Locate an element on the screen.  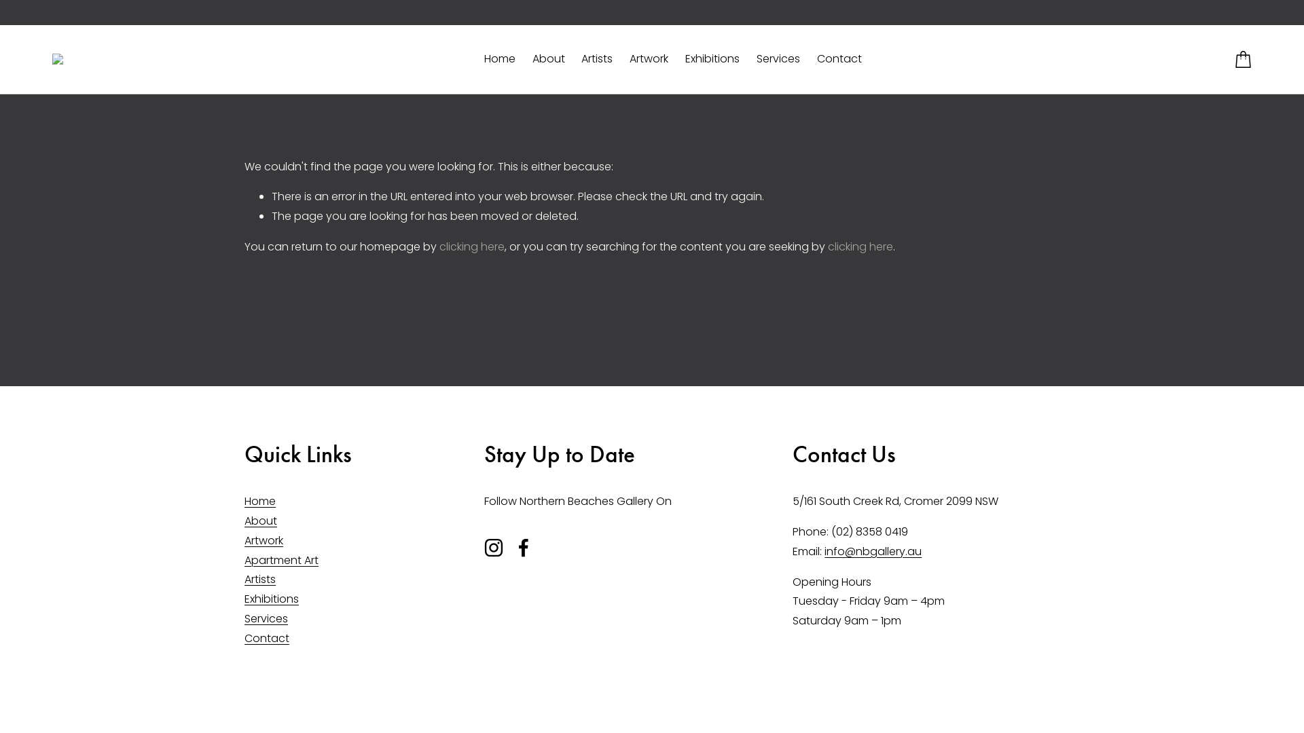
'Artists' is located at coordinates (596, 58).